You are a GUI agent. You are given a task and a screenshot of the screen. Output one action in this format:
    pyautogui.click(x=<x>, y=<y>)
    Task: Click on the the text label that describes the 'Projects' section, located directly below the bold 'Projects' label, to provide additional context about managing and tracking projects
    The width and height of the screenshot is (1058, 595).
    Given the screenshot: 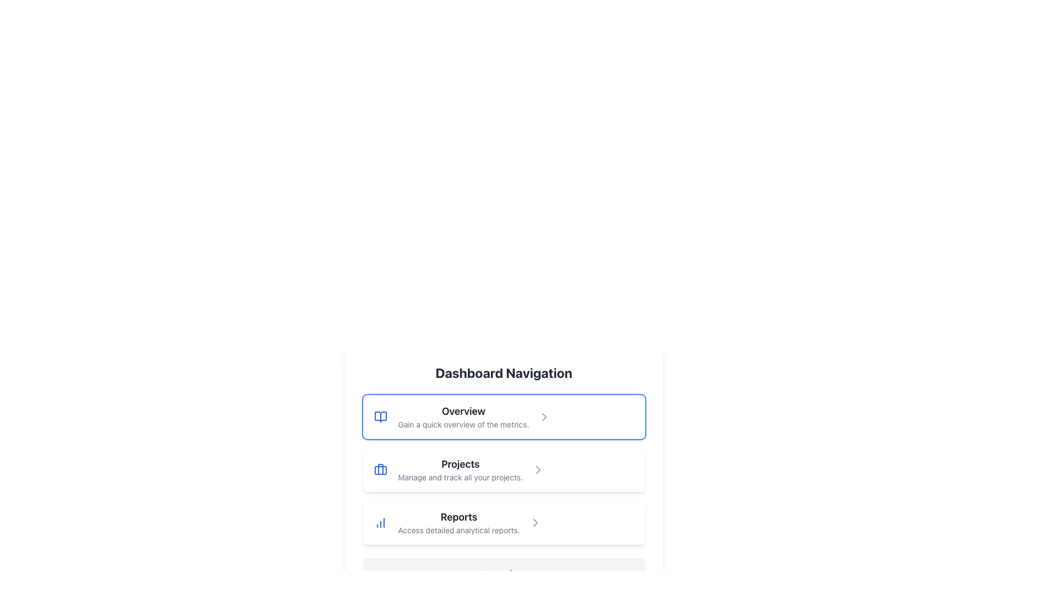 What is the action you would take?
    pyautogui.click(x=460, y=477)
    